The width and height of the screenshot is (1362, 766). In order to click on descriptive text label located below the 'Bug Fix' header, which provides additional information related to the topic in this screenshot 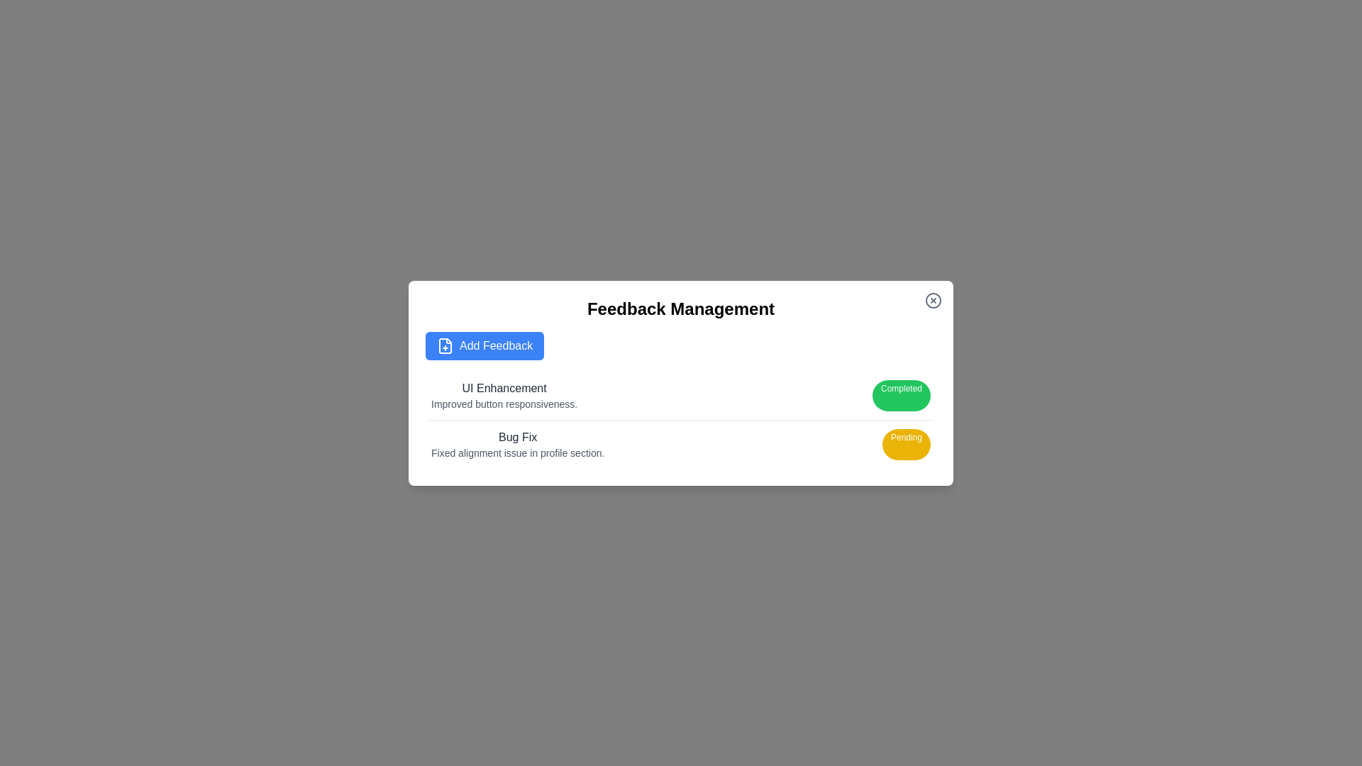, I will do `click(517, 453)`.